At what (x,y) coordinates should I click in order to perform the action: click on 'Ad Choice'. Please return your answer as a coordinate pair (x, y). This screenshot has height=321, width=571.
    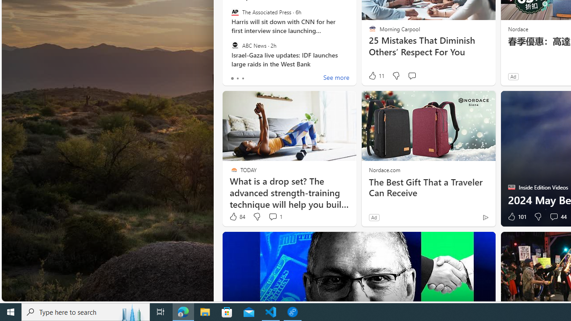
    Looking at the image, I should click on (485, 217).